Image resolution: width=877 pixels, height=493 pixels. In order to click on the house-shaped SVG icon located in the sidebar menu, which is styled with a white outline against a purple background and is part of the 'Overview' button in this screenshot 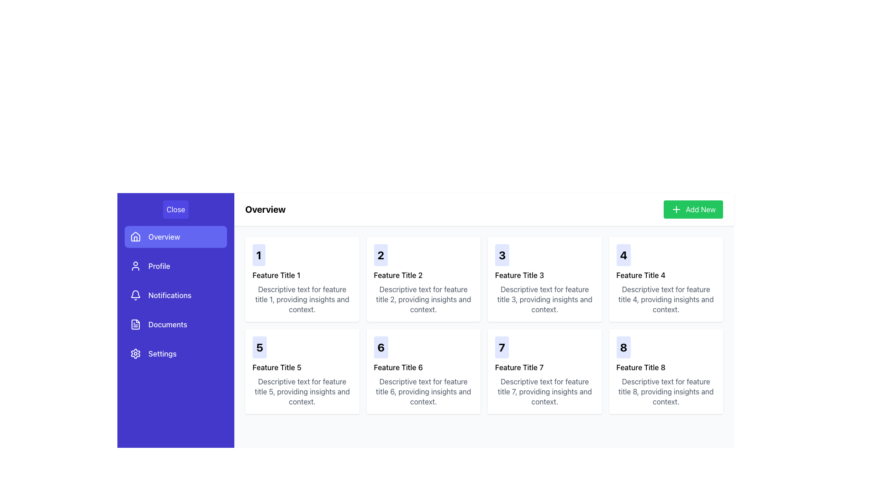, I will do `click(135, 236)`.